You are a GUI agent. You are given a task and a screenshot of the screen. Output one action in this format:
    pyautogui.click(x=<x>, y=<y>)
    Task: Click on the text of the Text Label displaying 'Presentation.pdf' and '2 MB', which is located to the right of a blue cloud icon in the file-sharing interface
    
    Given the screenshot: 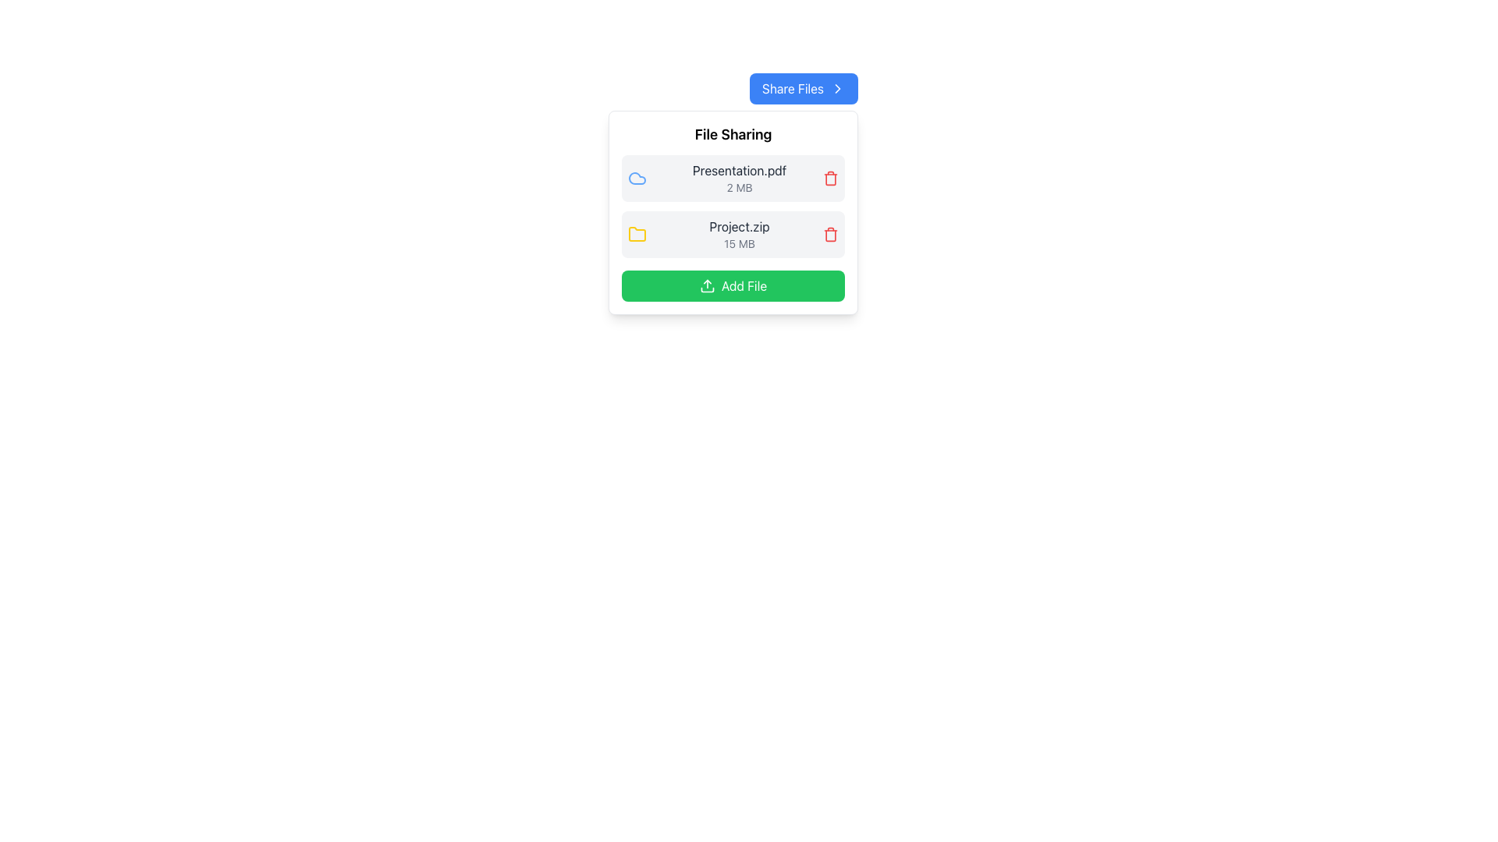 What is the action you would take?
    pyautogui.click(x=739, y=177)
    